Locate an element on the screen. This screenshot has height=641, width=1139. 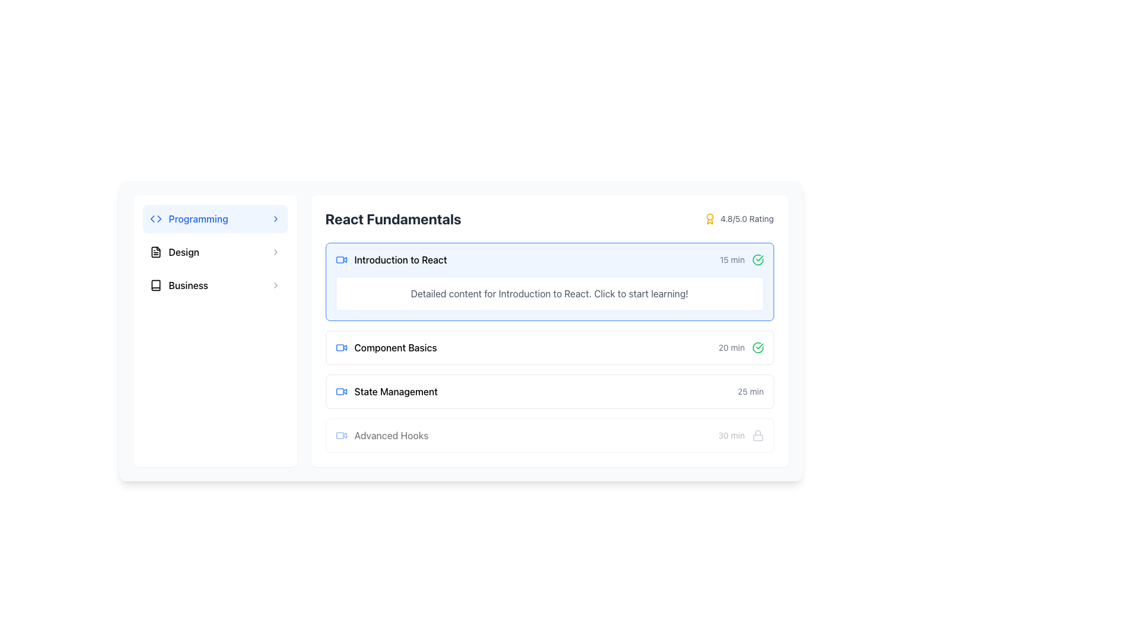
the list item titled 'Component Basics' in the 'React Fundamentals' section is located at coordinates (549, 347).